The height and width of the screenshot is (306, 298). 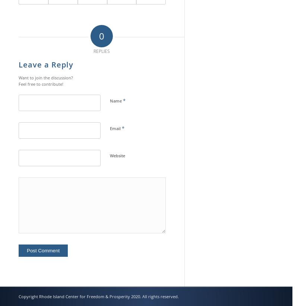 What do you see at coordinates (115, 128) in the screenshot?
I see `'Email'` at bounding box center [115, 128].